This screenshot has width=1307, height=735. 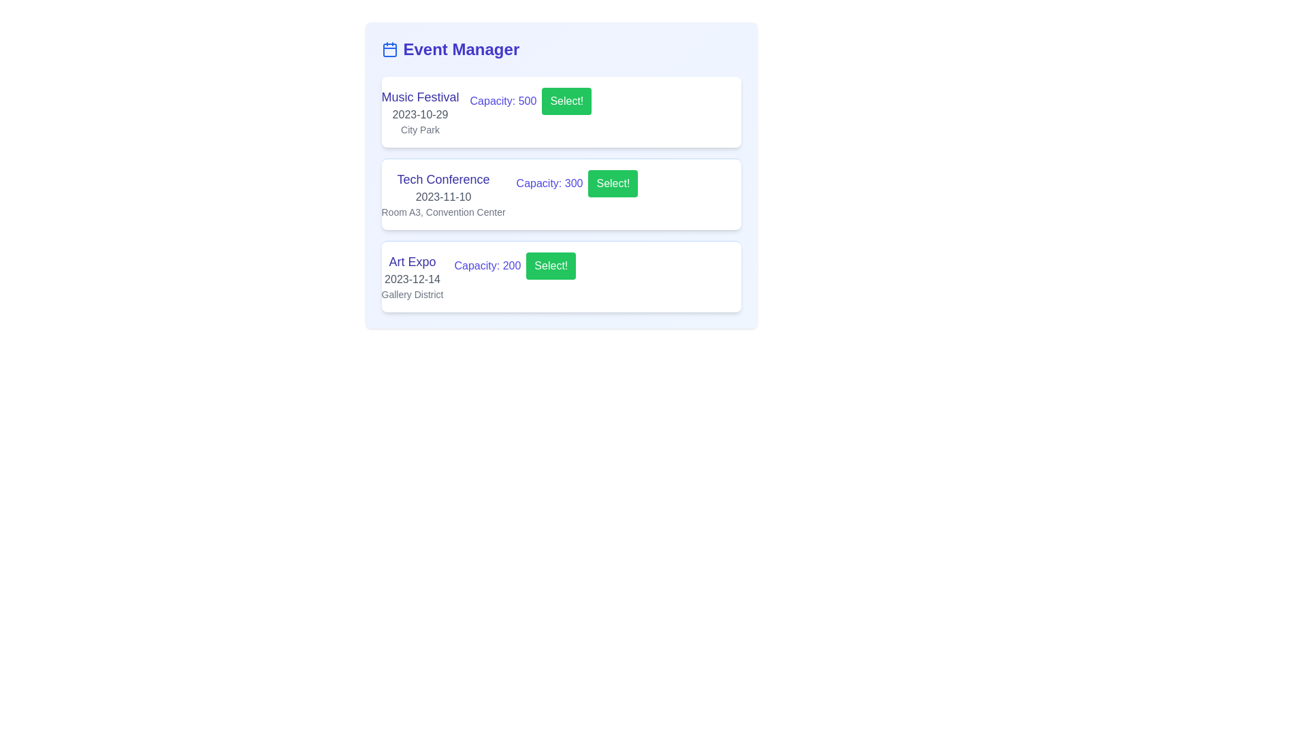 What do you see at coordinates (502, 101) in the screenshot?
I see `the informational static text label displaying the capacity of the 'Music Festival' event in the 'Event Manager' section, located between the event title and the 'Select!' button` at bounding box center [502, 101].